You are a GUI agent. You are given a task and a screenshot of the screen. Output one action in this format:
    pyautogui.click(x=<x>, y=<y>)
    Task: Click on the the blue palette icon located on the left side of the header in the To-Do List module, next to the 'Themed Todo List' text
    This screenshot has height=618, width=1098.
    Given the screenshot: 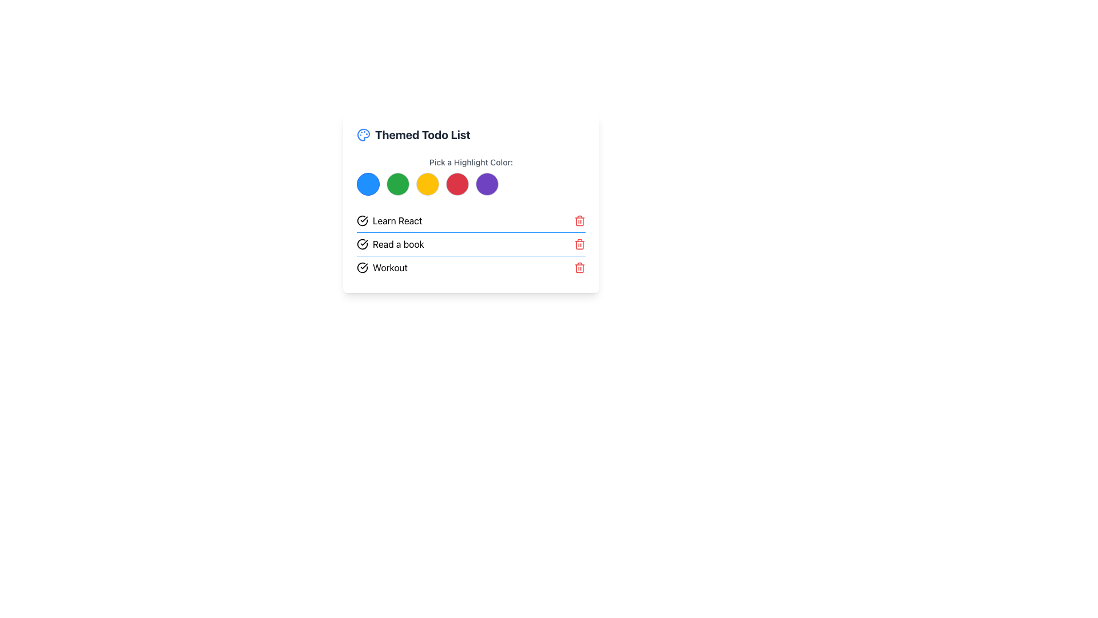 What is the action you would take?
    pyautogui.click(x=363, y=134)
    